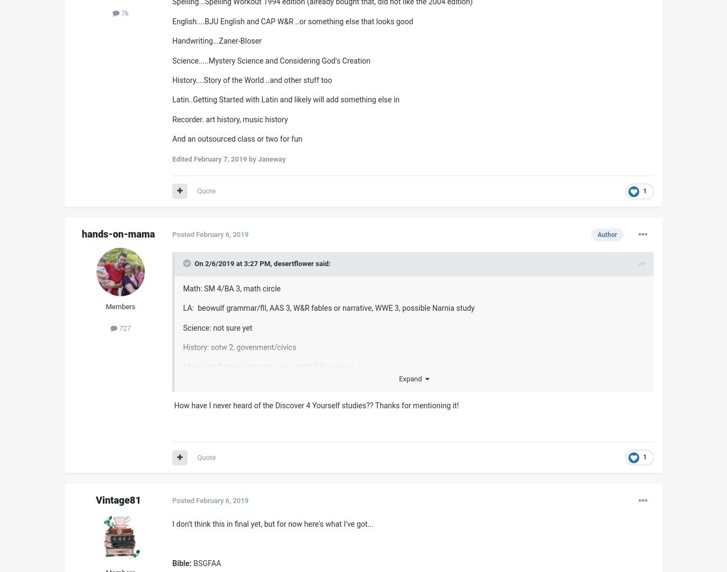 The width and height of the screenshot is (727, 572). I want to click on 'Bible:', so click(171, 562).